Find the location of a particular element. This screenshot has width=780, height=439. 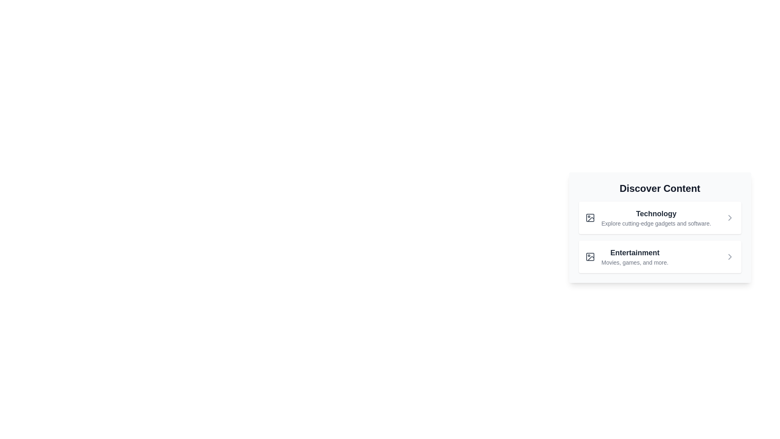

the navigation icon located at the rightmost end of the 'Technology' content card is located at coordinates (730, 217).